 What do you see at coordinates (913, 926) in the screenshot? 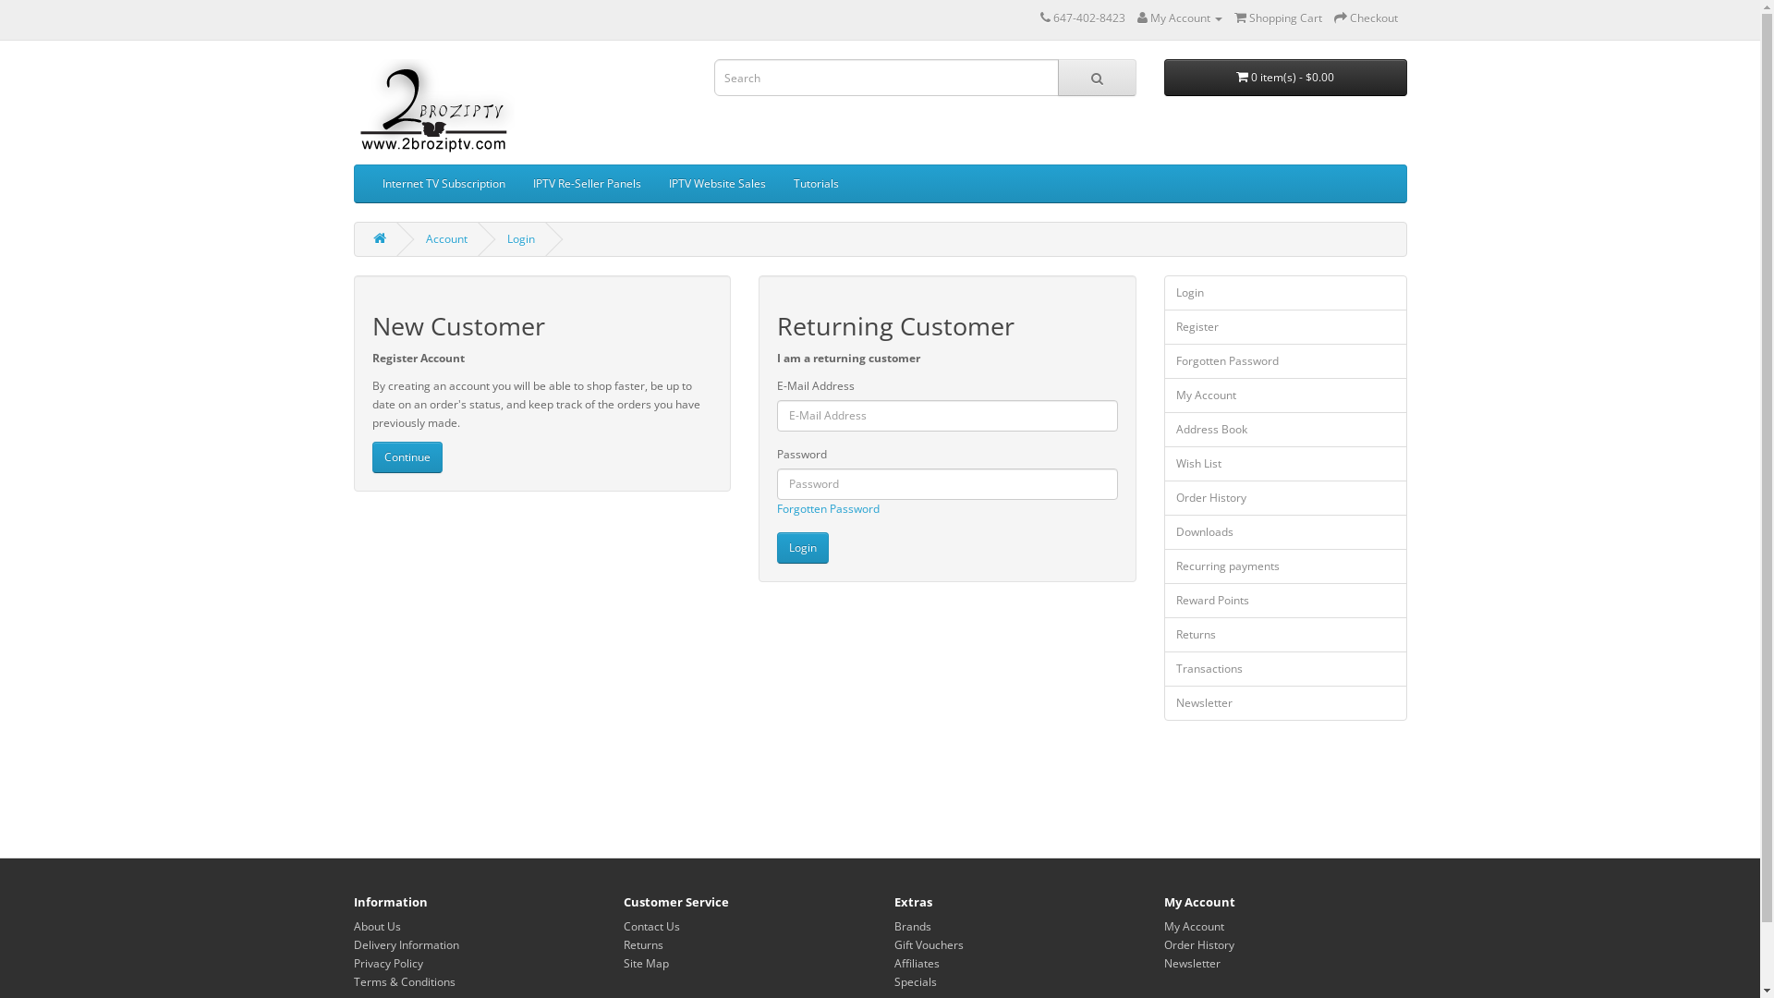
I see `'Brands'` at bounding box center [913, 926].